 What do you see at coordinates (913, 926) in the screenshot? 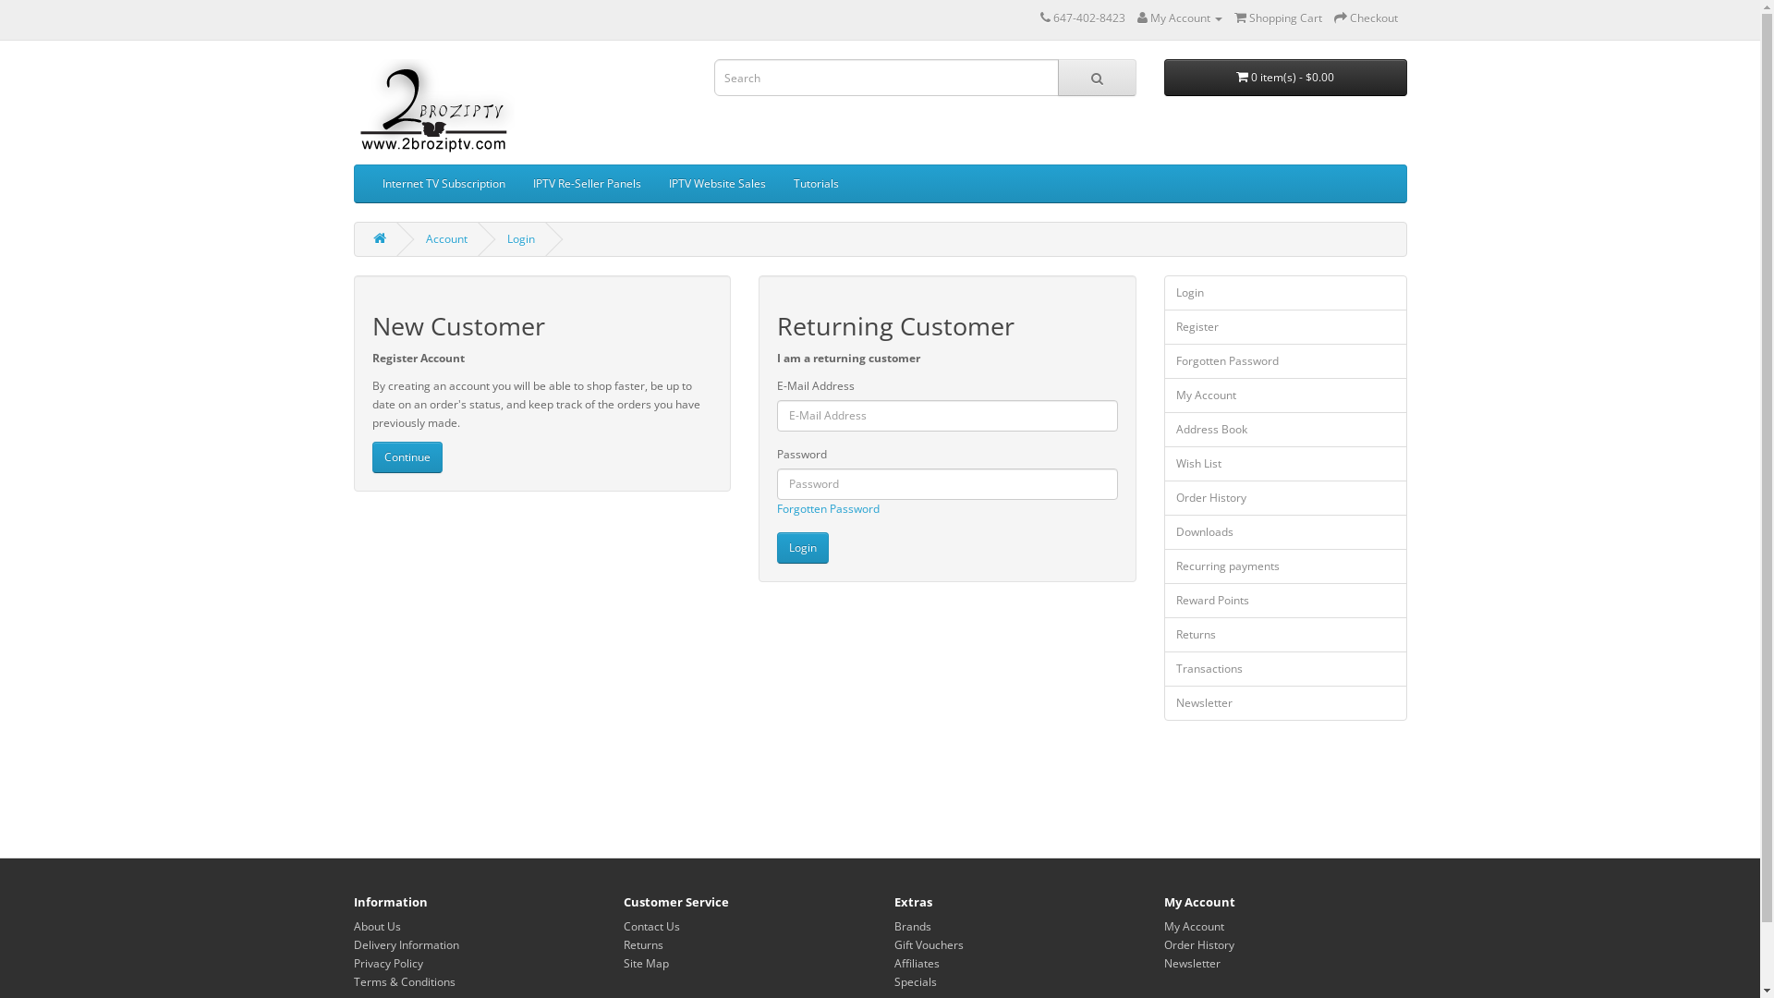
I see `'Brands'` at bounding box center [913, 926].